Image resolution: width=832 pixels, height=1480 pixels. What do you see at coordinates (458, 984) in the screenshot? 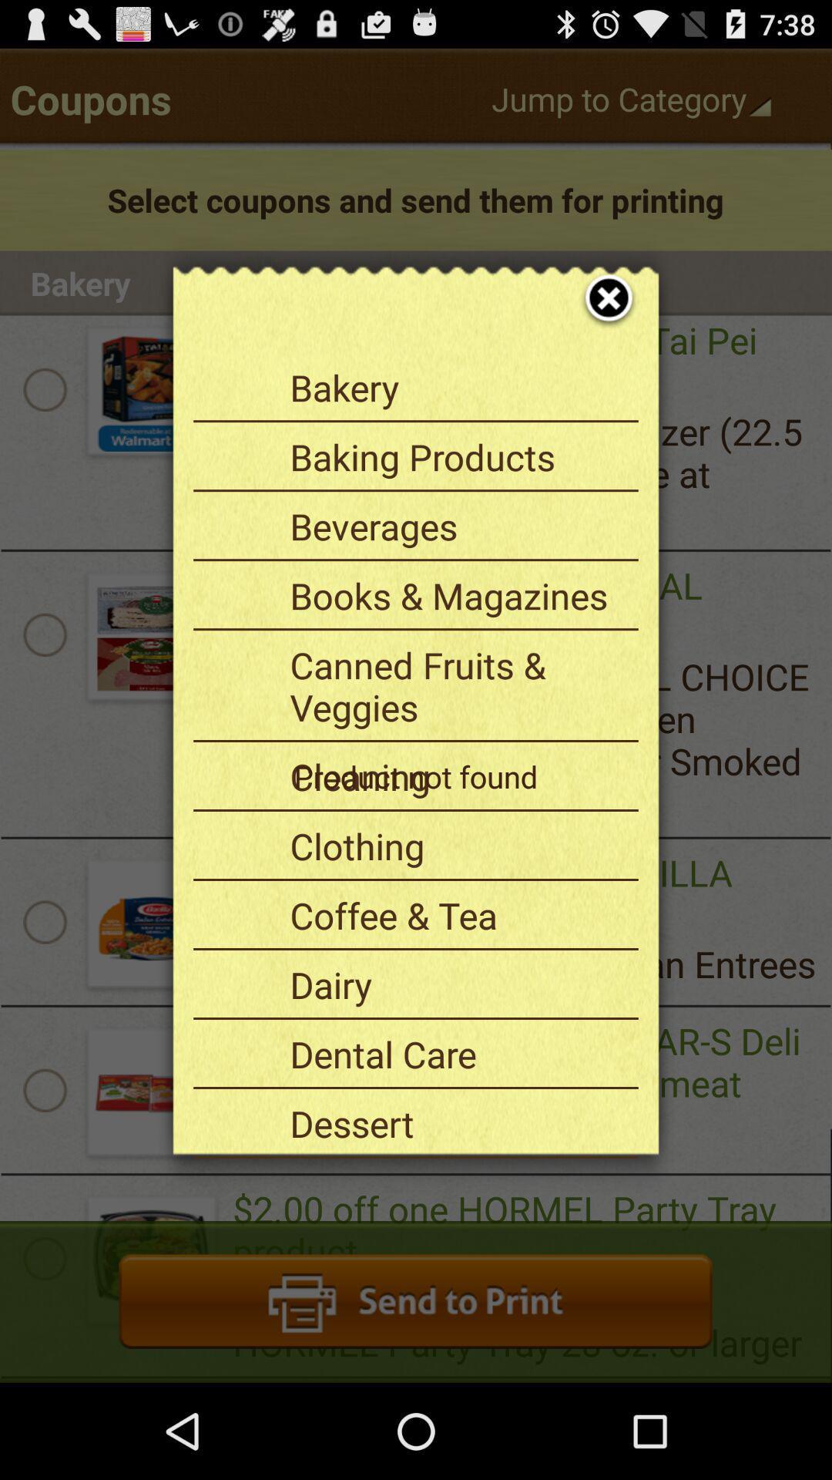
I see `the dairy app` at bounding box center [458, 984].